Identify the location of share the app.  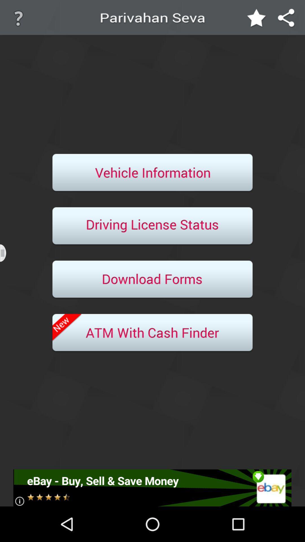
(286, 18).